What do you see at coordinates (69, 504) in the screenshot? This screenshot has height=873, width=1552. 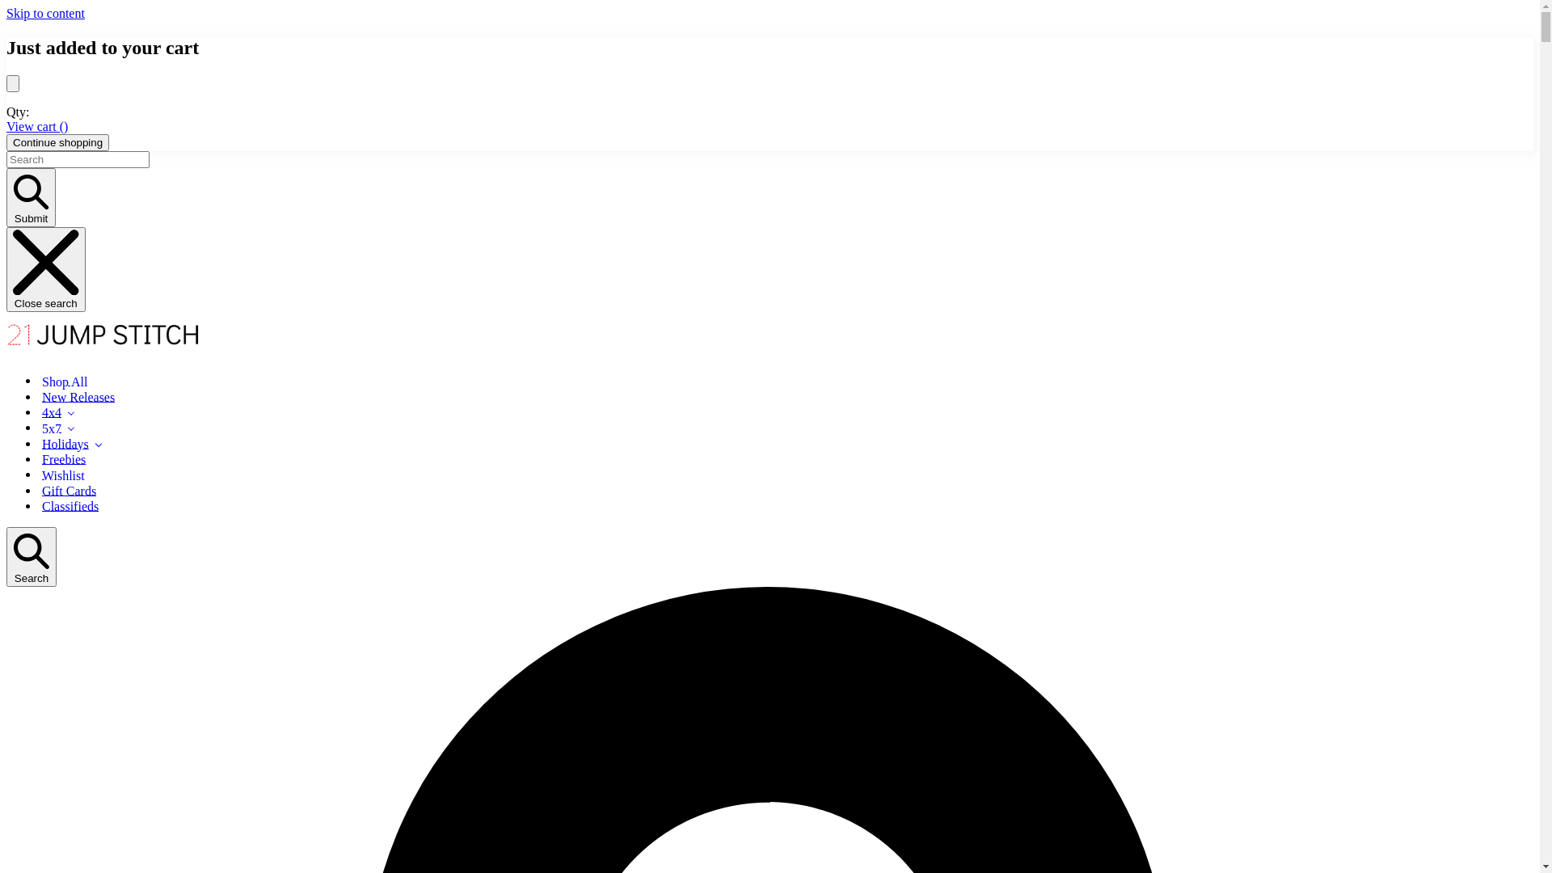 I see `'Classifieds'` at bounding box center [69, 504].